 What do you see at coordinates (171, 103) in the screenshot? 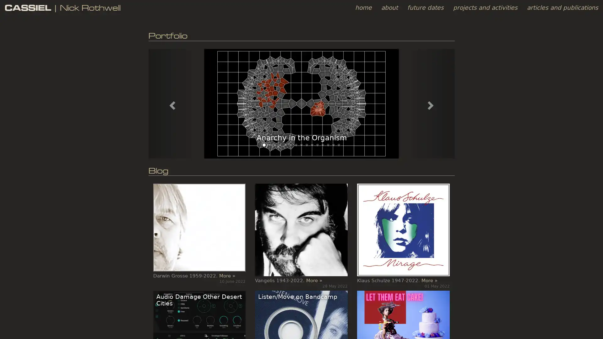
I see `Previous` at bounding box center [171, 103].